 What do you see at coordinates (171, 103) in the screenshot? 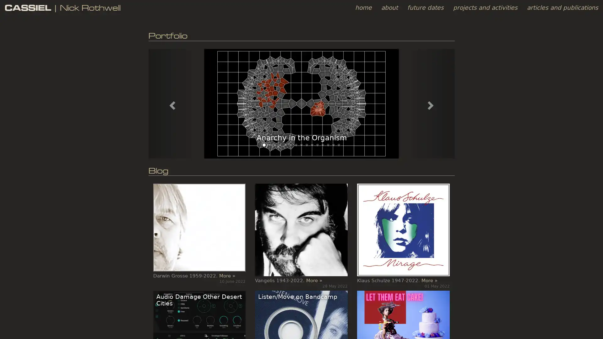
I see `Previous` at bounding box center [171, 103].